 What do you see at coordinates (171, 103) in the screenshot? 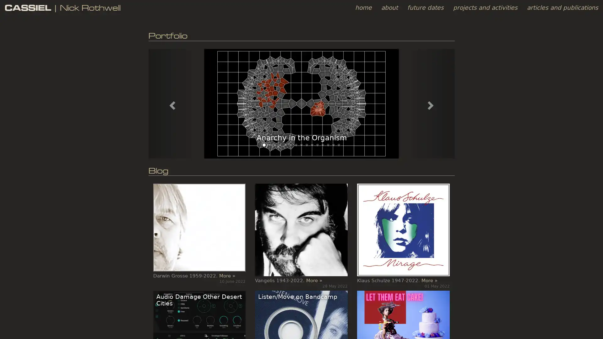
I see `Previous` at bounding box center [171, 103].